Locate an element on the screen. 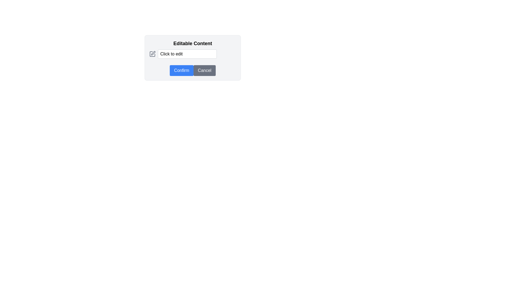  the leftmost button in the two-button group under the 'Editable Content' input field to confirm the action is located at coordinates (182, 70).